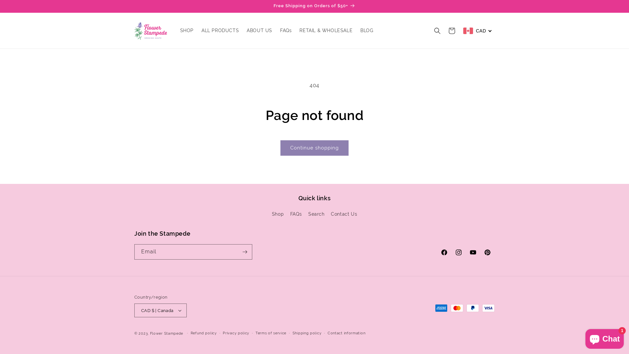 This screenshot has width=629, height=354. What do you see at coordinates (458, 252) in the screenshot?
I see `'Instagram'` at bounding box center [458, 252].